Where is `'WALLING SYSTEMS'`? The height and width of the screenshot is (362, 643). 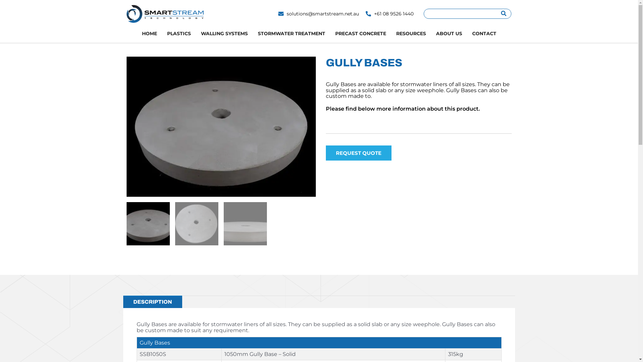 'WALLING SYSTEMS' is located at coordinates (195, 34).